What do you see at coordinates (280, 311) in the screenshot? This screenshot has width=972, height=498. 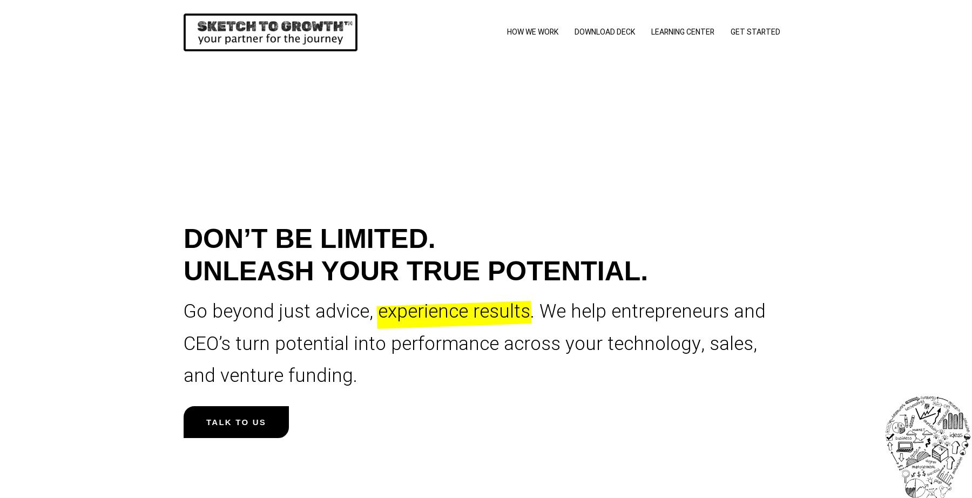 I see `'Go beyond just advice,'` at bounding box center [280, 311].